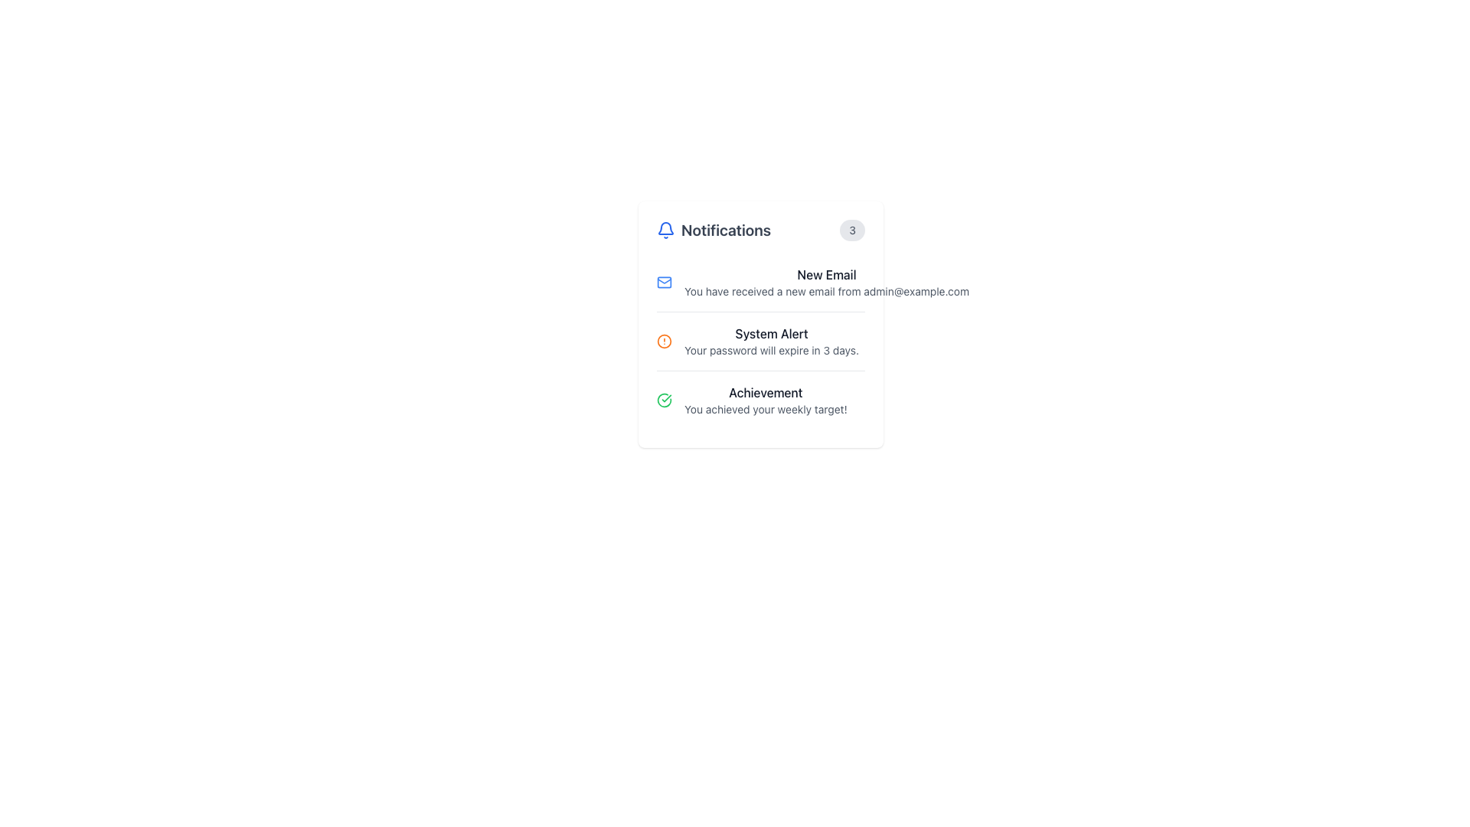 The width and height of the screenshot is (1470, 827). Describe the element at coordinates (665, 341) in the screenshot. I see `the alert icon located to the left of the 'System Alert' notification, which indicates a password expiration alert` at that location.